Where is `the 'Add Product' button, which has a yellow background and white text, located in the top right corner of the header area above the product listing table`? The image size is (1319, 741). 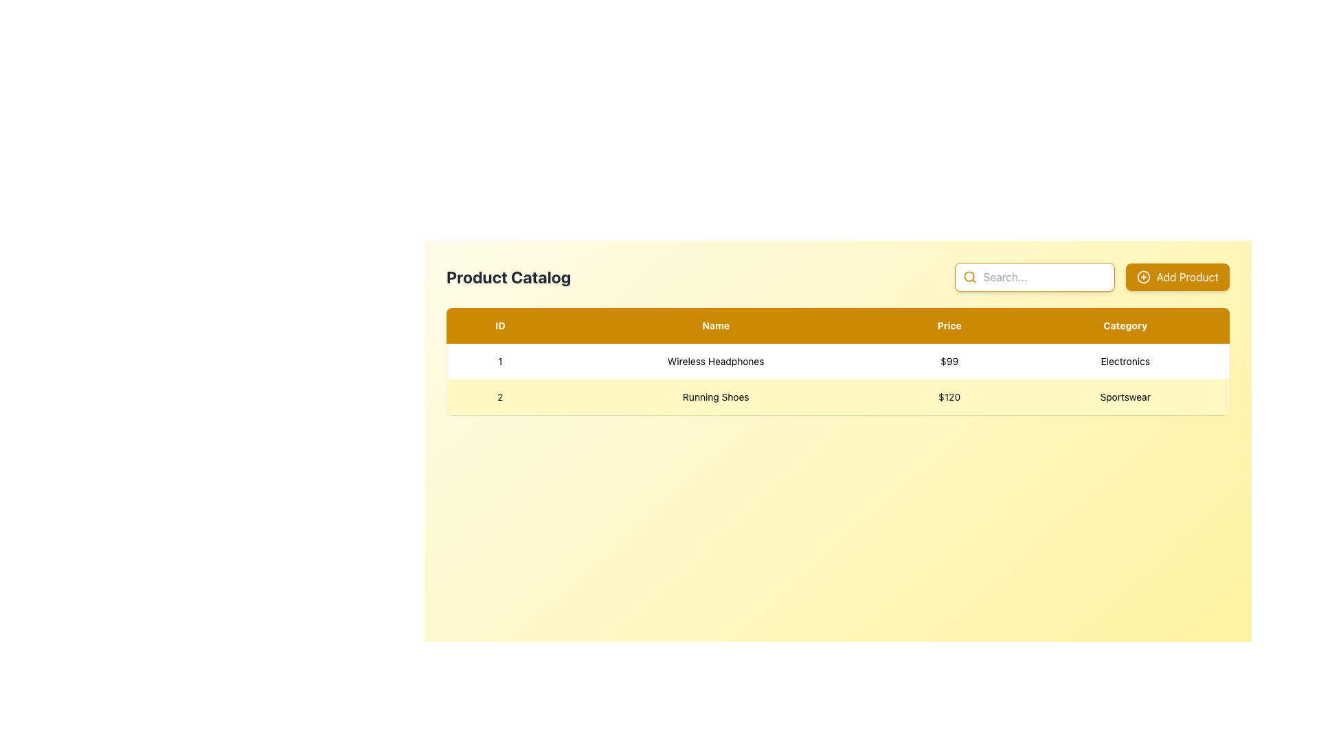
the 'Add Product' button, which has a yellow background and white text, located in the top right corner of the header area above the product listing table is located at coordinates (1176, 277).